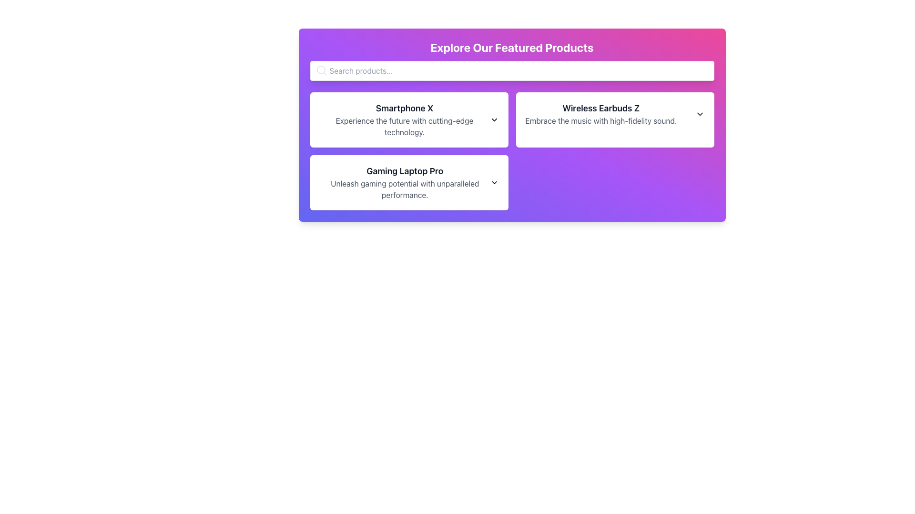  I want to click on the text block containing the gray colored text 'Experience the future with cutting-edge technology.' located below the title 'Smartphone X' in the upper-left section of the feature card, so click(405, 126).